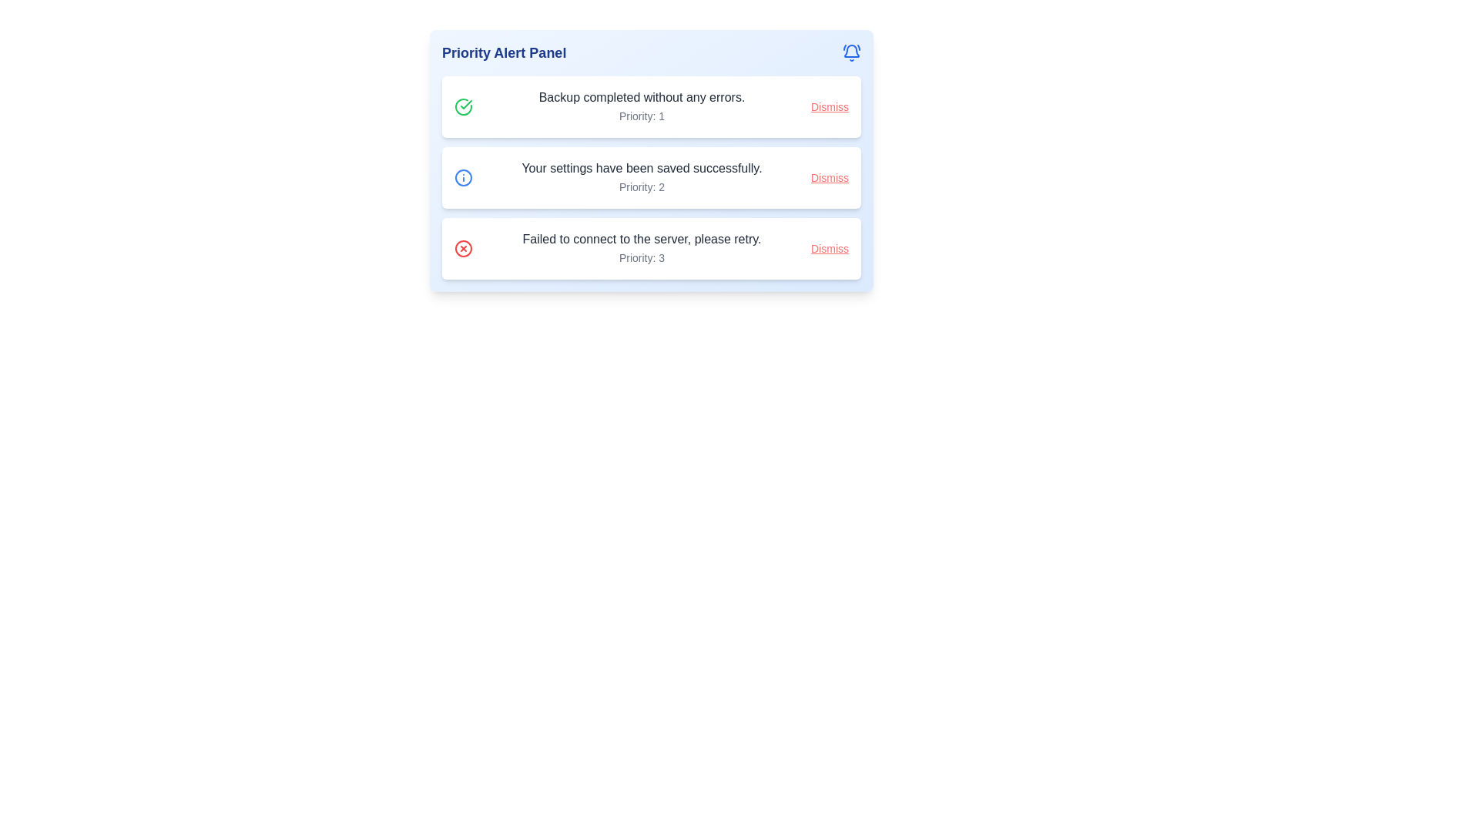  I want to click on the static text element that reads 'Priority: 2', which is styled in a smaller gray font and positioned below the success message, so click(642, 186).